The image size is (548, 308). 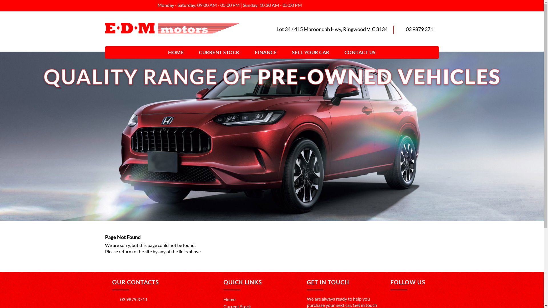 What do you see at coordinates (164, 52) in the screenshot?
I see `'HOME'` at bounding box center [164, 52].